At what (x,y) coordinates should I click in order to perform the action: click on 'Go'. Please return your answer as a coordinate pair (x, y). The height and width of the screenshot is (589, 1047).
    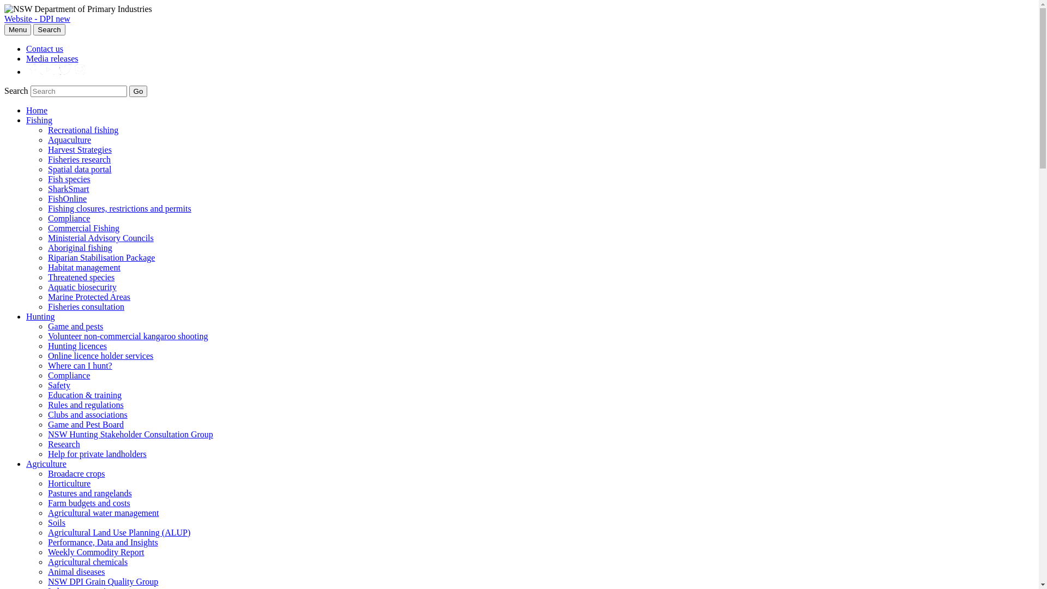
    Looking at the image, I should click on (138, 91).